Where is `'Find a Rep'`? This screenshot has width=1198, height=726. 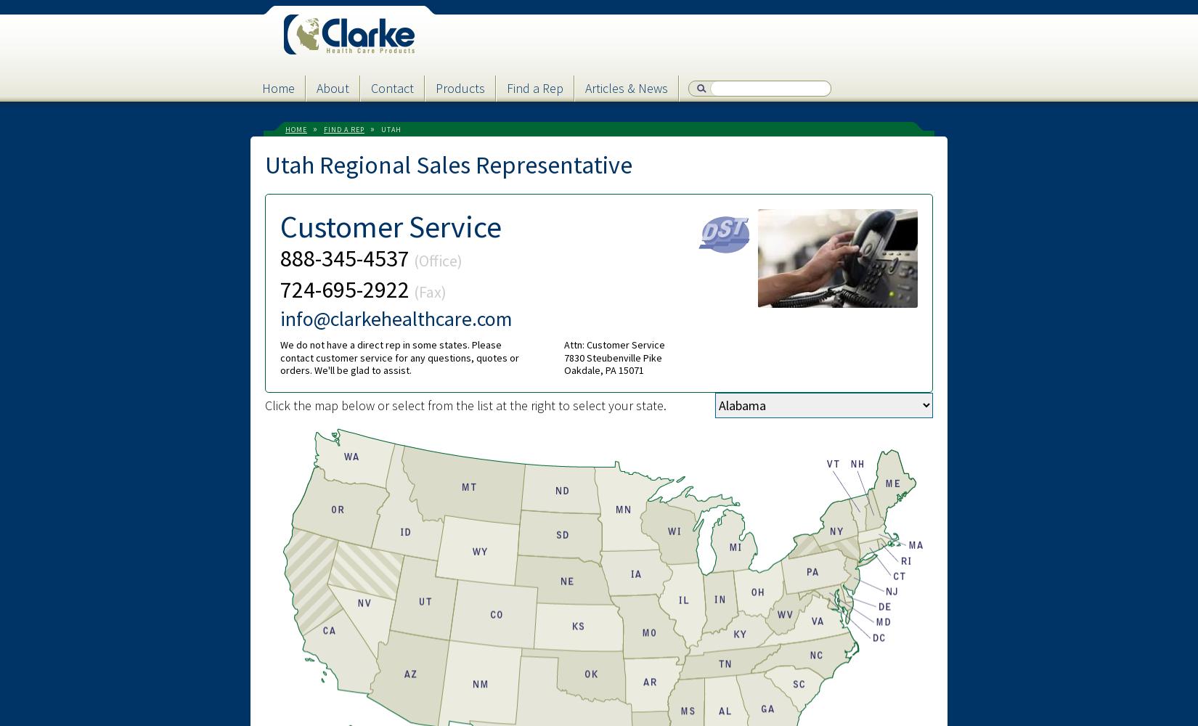
'Find a Rep' is located at coordinates (534, 87).